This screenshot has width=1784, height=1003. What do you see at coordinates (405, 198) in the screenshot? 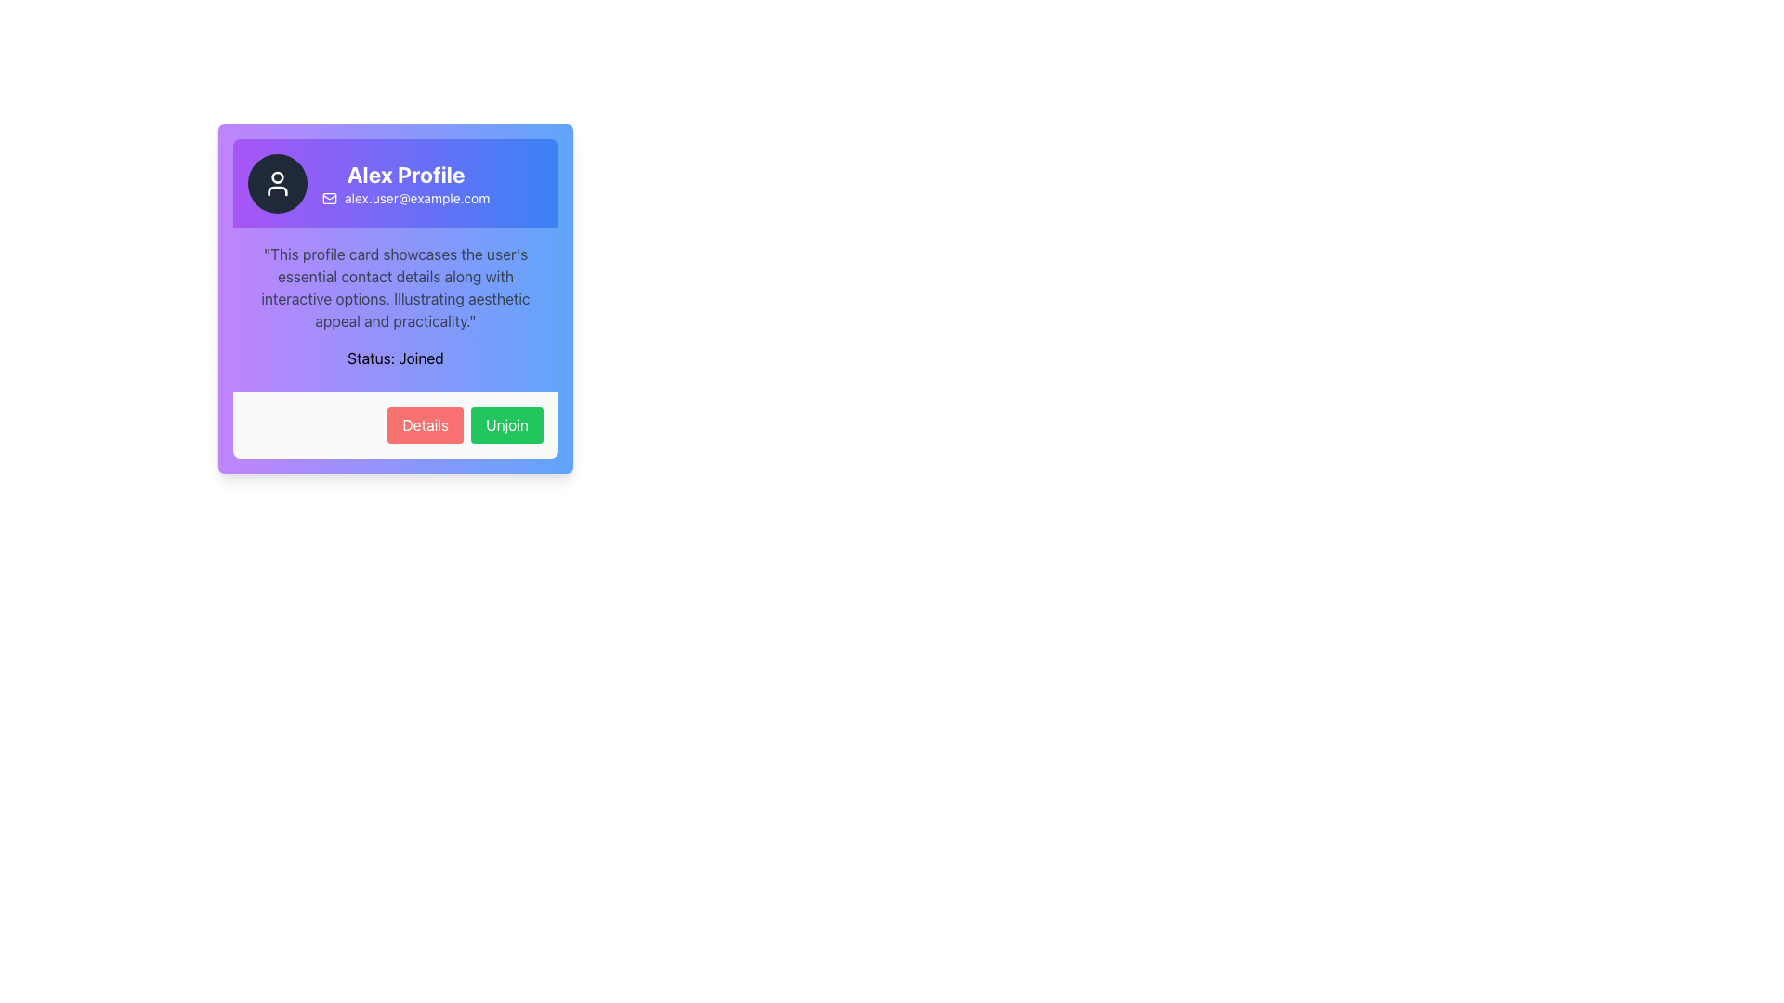
I see `the Static Text With Icon that displays the email address associated with the profile, located below the 'Alex Profile' name heading in the profile header` at bounding box center [405, 198].